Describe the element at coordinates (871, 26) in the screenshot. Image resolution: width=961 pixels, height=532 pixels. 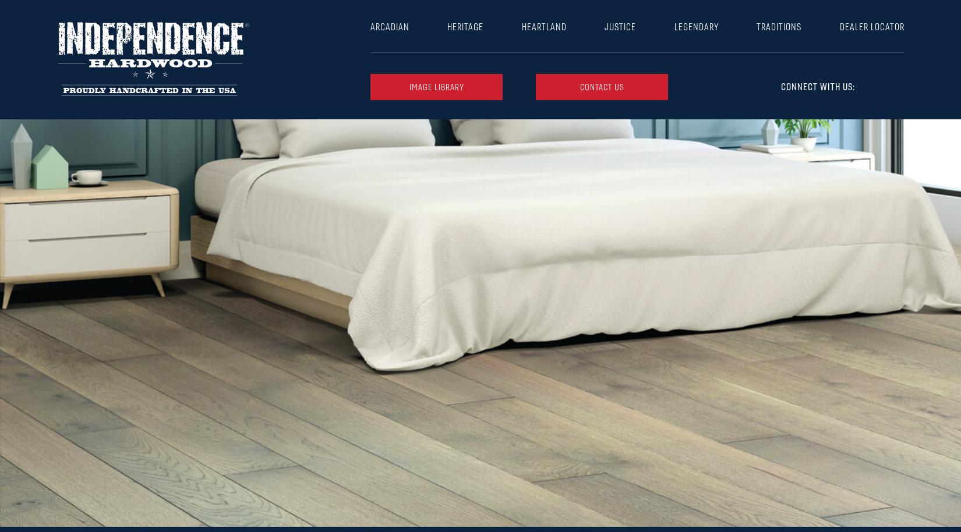
I see `'Dealer Locator'` at that location.